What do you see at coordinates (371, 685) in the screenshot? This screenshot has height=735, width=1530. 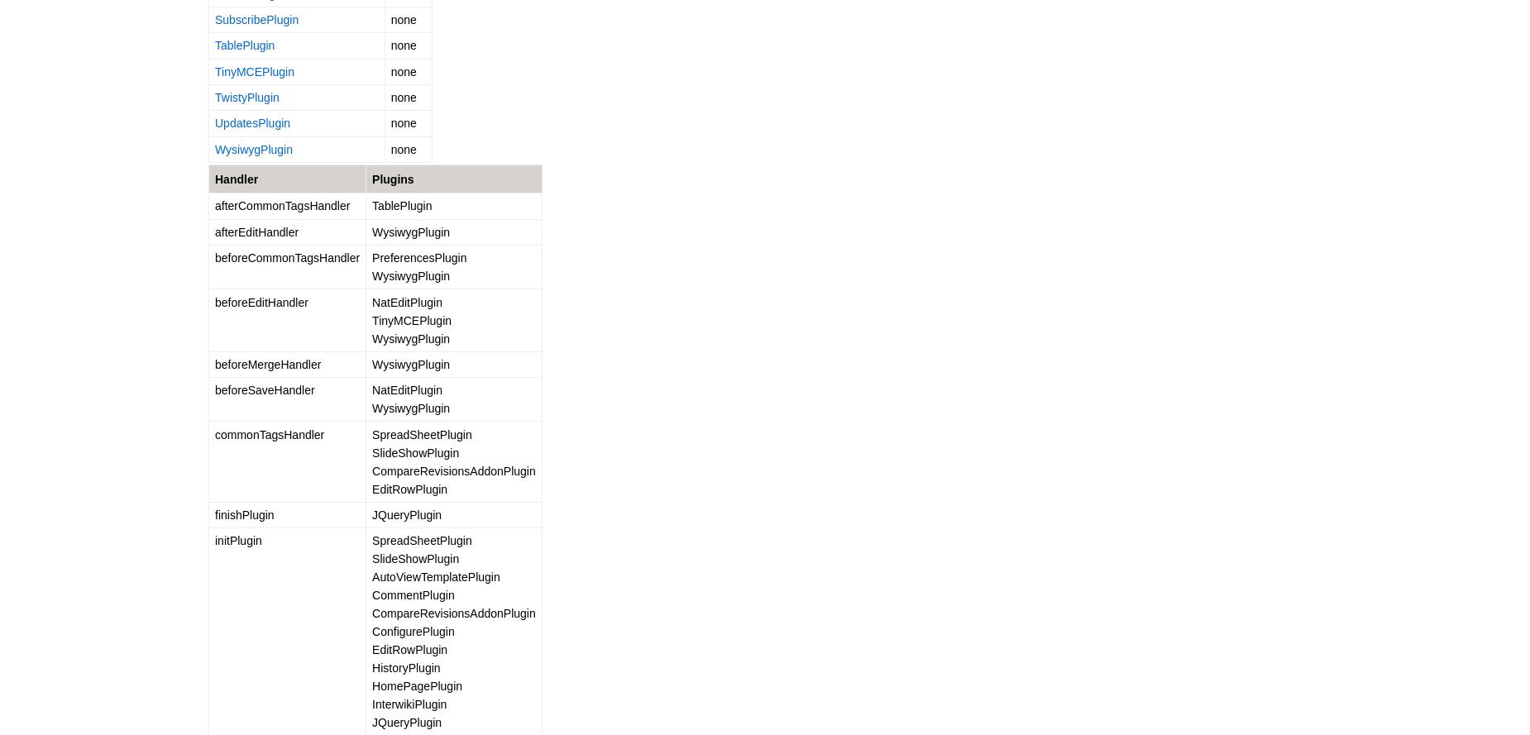 I see `'HomePagePlugin'` at bounding box center [371, 685].